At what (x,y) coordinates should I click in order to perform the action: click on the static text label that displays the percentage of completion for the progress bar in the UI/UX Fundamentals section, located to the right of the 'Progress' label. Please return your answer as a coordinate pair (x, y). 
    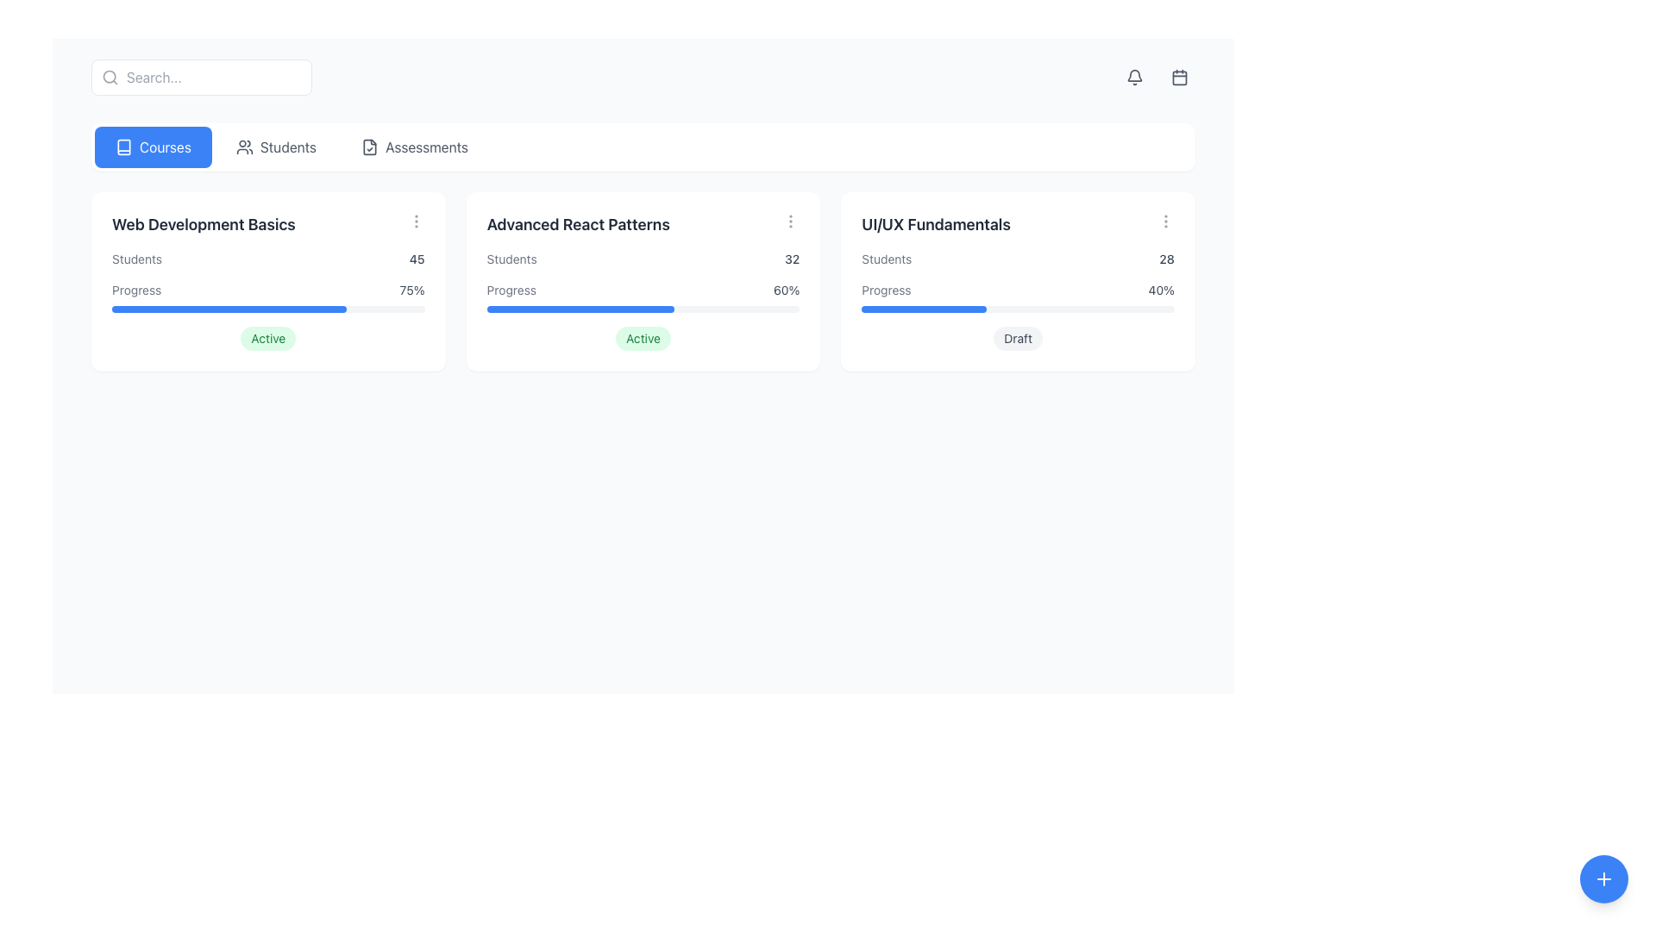
    Looking at the image, I should click on (1161, 289).